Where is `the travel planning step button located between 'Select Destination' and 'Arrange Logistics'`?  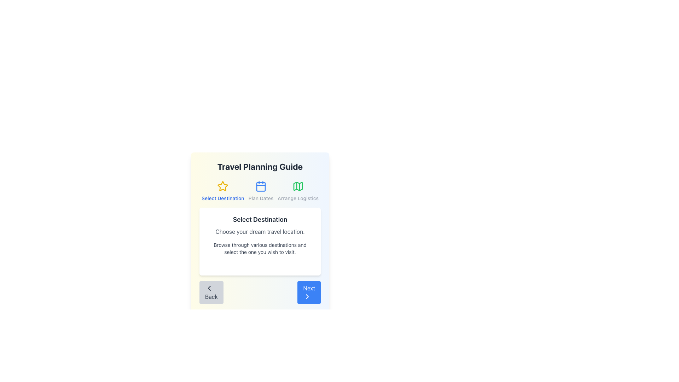
the travel planning step button located between 'Select Destination' and 'Arrange Logistics' is located at coordinates (260, 191).